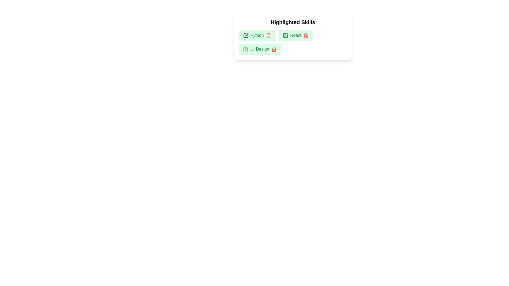 The image size is (509, 286). I want to click on edit icon next to the skill Python to initiate editing, so click(245, 35).